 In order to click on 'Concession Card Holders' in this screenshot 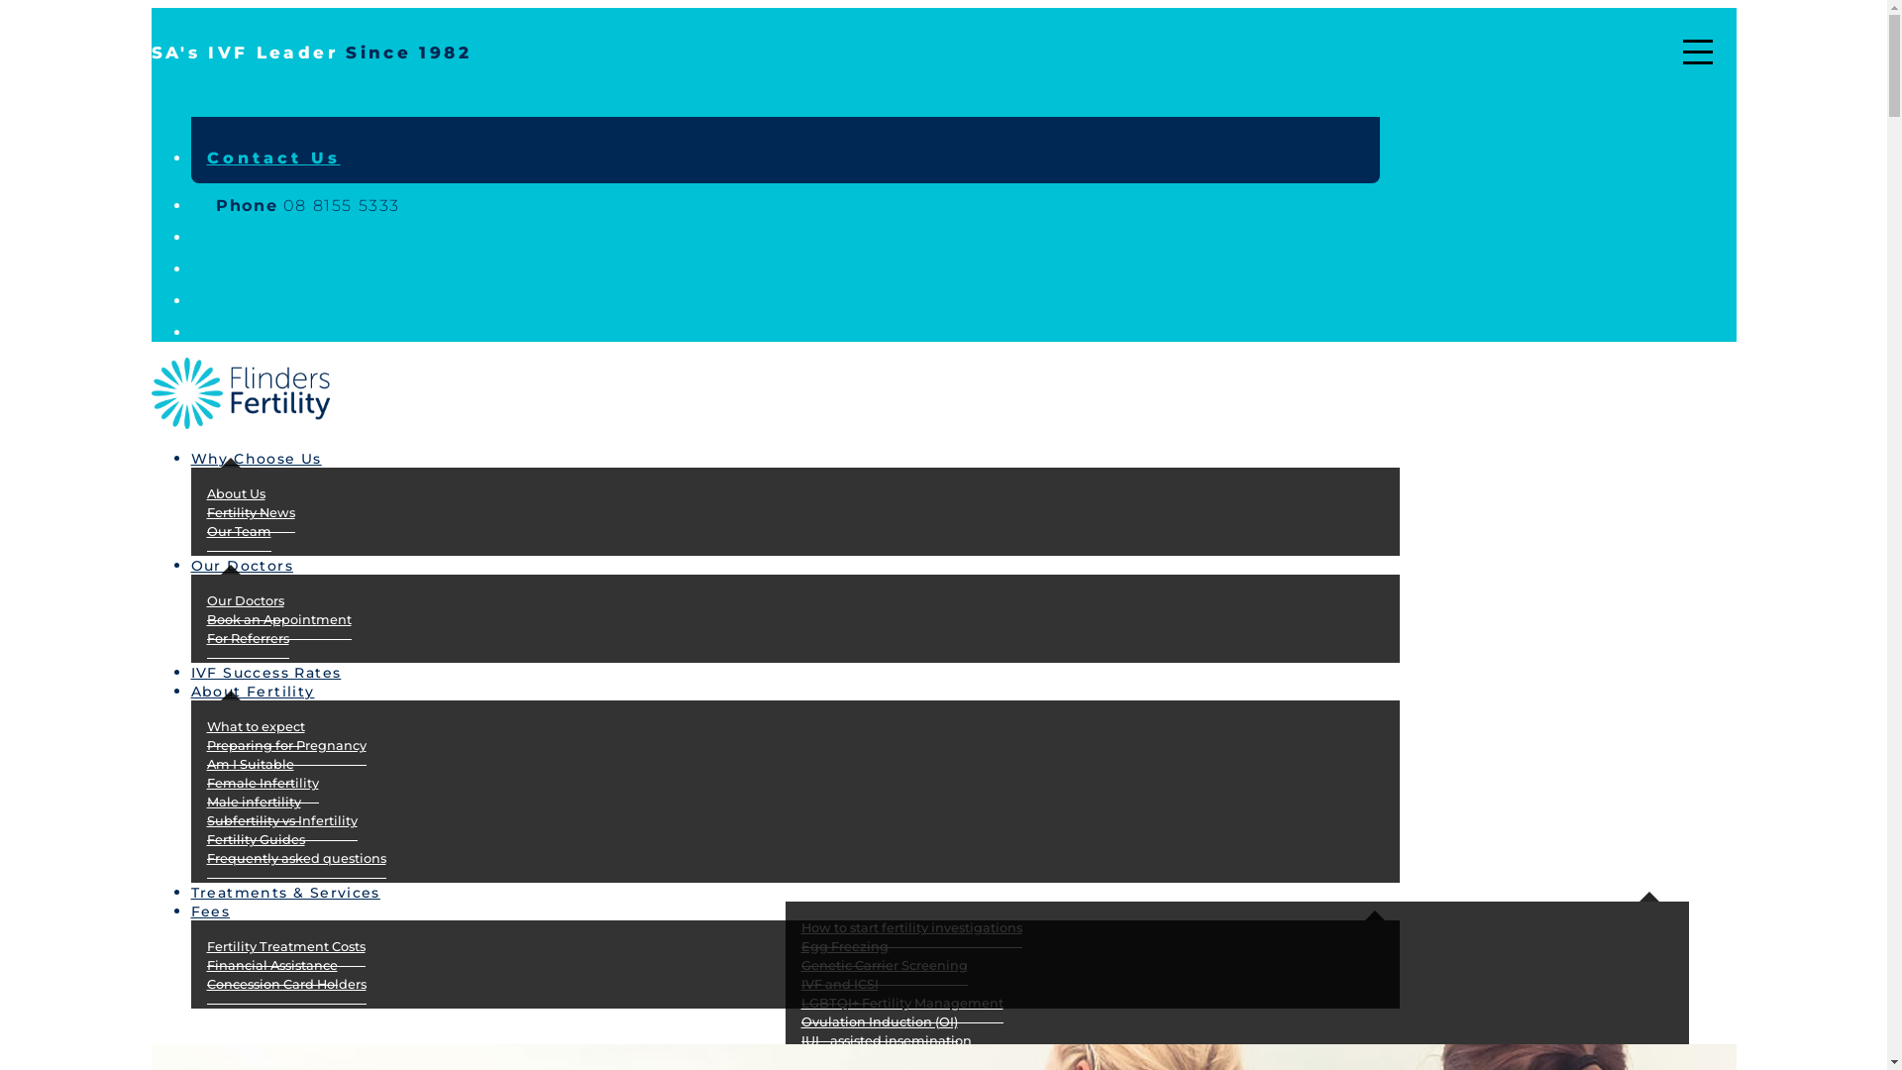, I will do `click(284, 985)`.